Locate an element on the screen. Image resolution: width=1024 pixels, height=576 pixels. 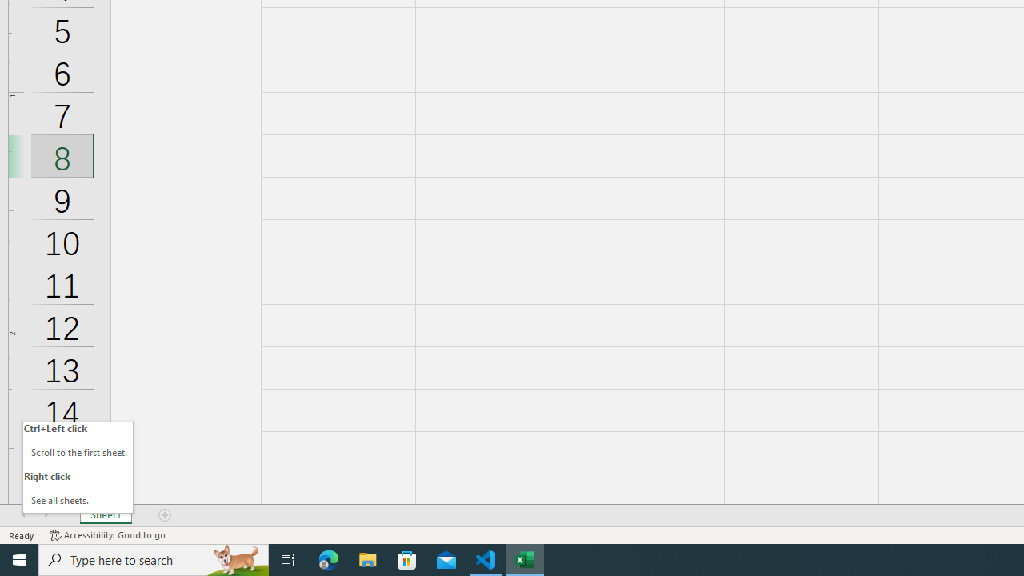
'Add Sheet' is located at coordinates (166, 515).